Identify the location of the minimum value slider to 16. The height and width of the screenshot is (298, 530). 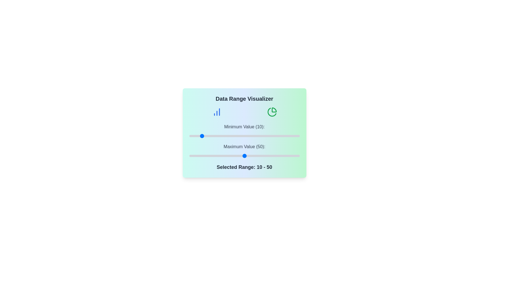
(206, 136).